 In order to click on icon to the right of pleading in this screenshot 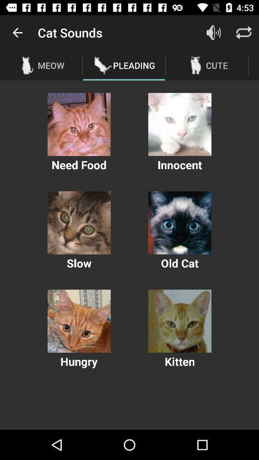, I will do `click(213, 33)`.